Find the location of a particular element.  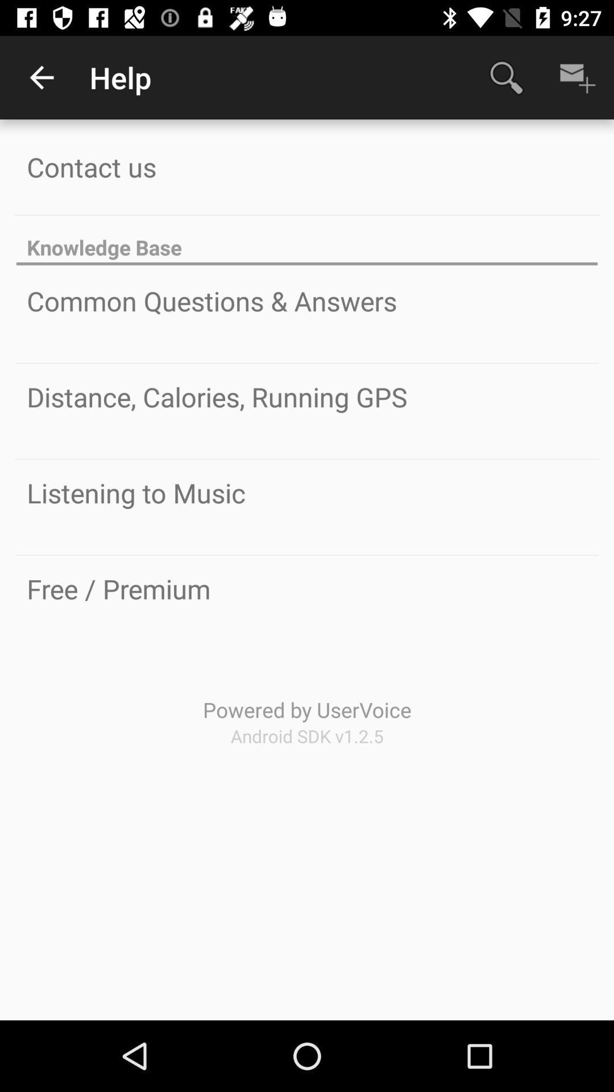

the knowledge base is located at coordinates (307, 241).